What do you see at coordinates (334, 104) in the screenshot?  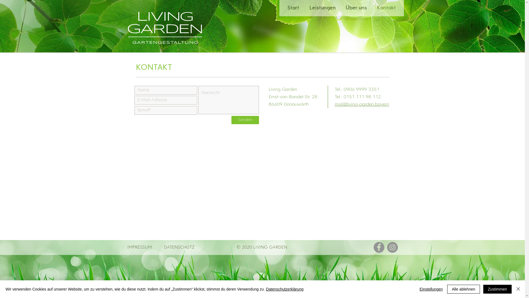 I see `'mail@living-garden.bayern'` at bounding box center [334, 104].